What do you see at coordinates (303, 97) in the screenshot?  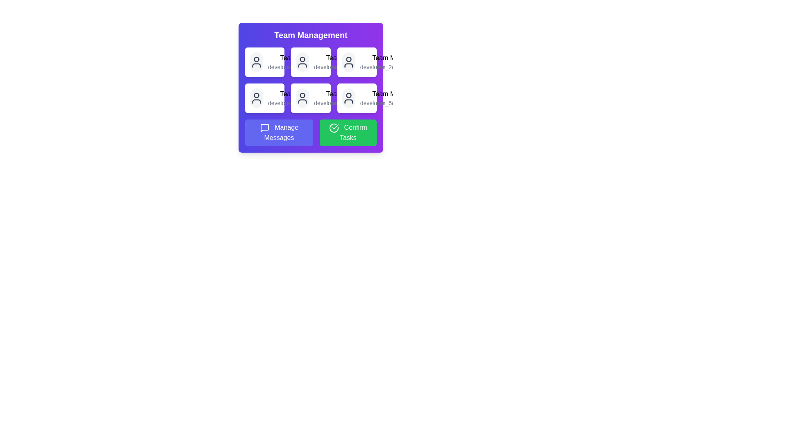 I see `the text display component that shows the name and email address of a team member, which is located in the second position of the second row in a grid layout` at bounding box center [303, 97].